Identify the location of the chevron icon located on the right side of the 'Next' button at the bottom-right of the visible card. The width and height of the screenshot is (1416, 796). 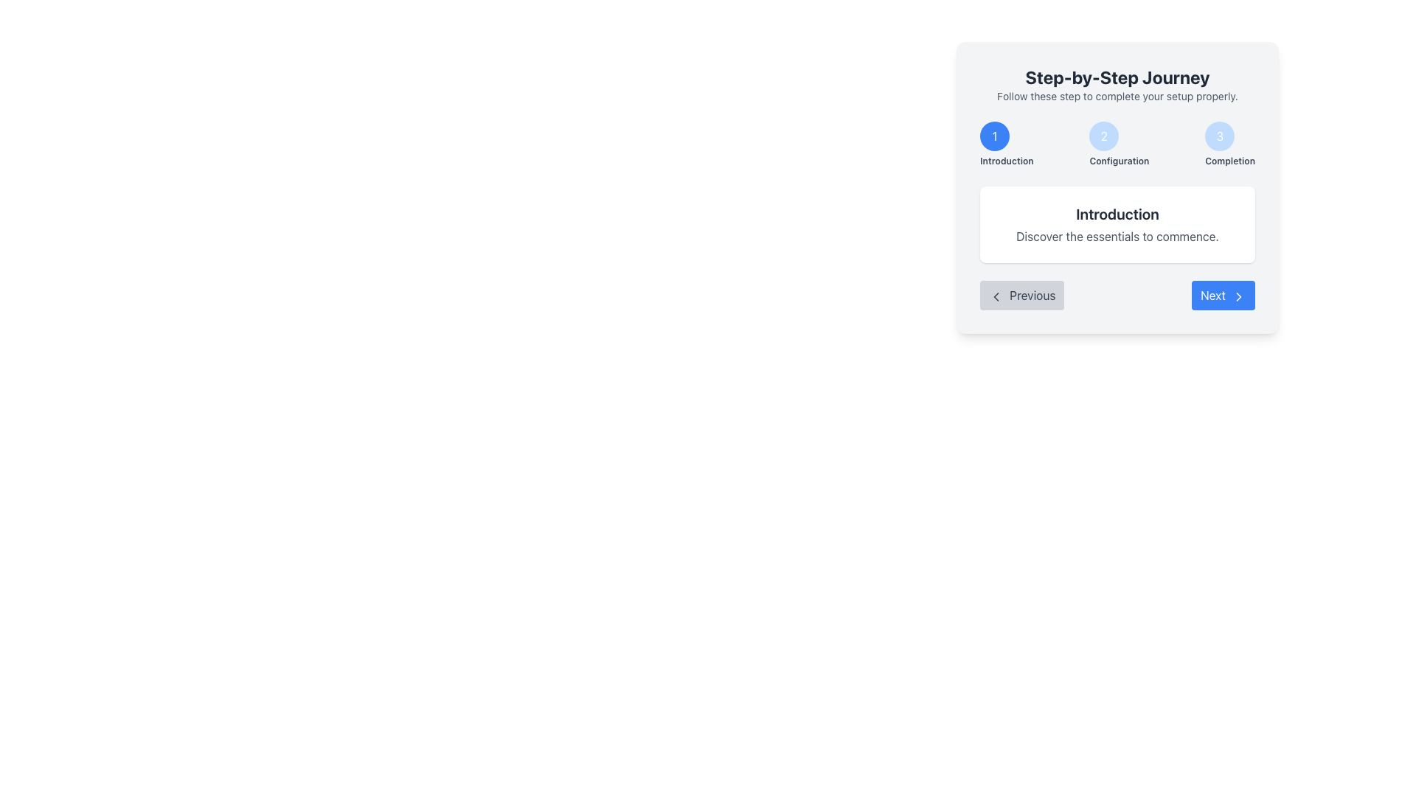
(1239, 296).